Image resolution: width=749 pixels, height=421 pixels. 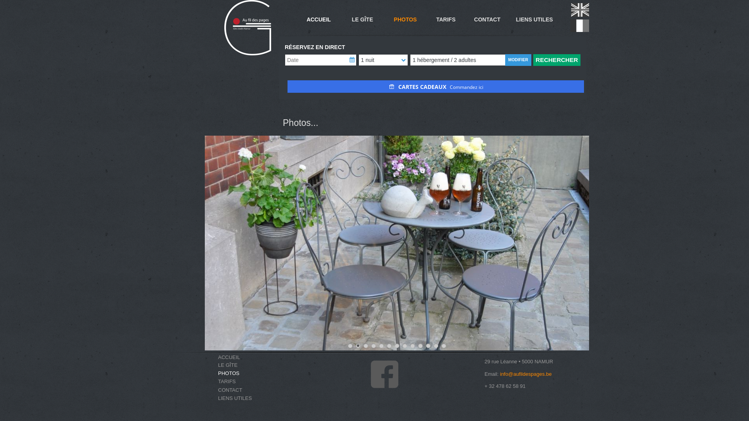 What do you see at coordinates (226, 380) in the screenshot?
I see `'TARIFS'` at bounding box center [226, 380].